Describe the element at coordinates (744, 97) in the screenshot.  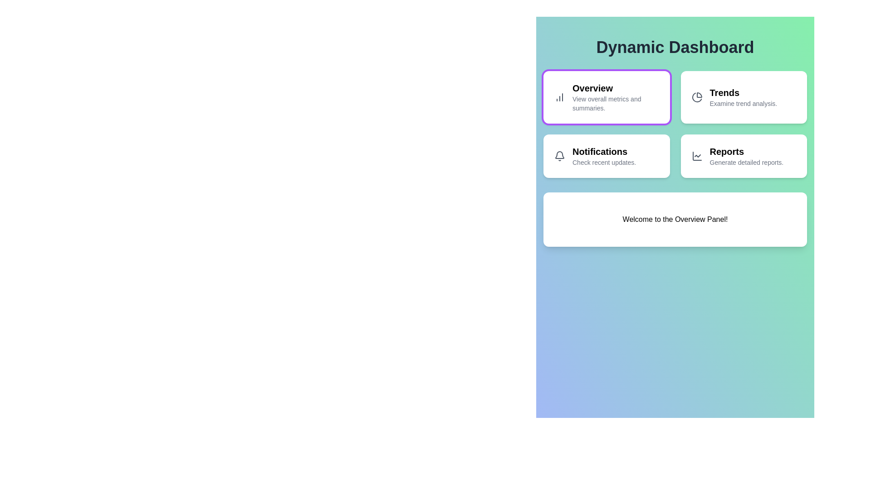
I see `the Trends panel by clicking its button` at that location.